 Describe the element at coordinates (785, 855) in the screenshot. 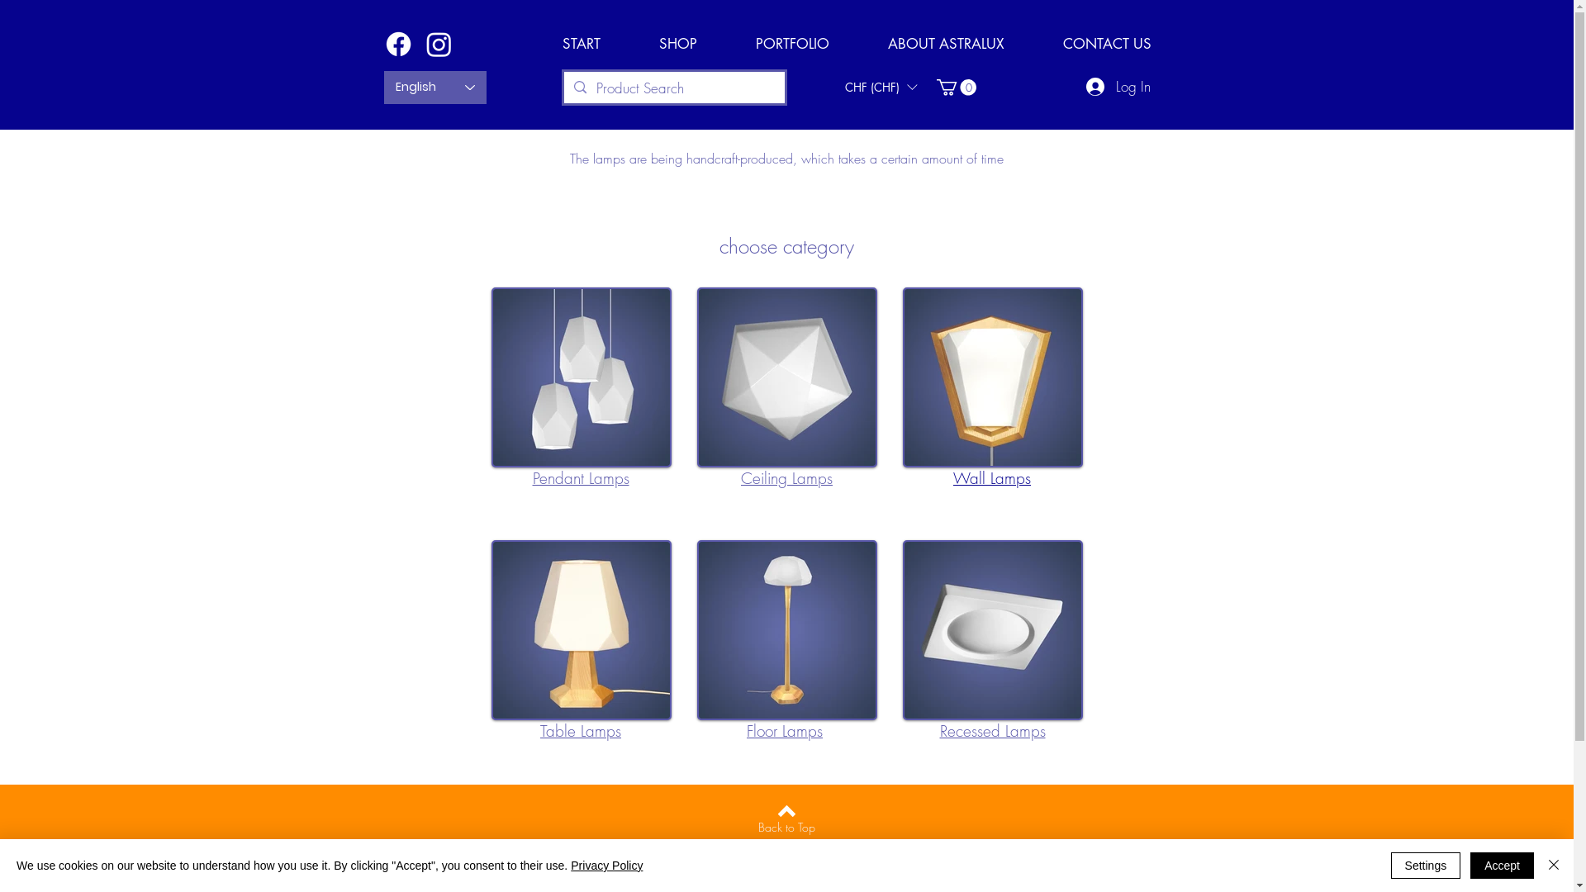

I see `'Terms of Service'` at that location.